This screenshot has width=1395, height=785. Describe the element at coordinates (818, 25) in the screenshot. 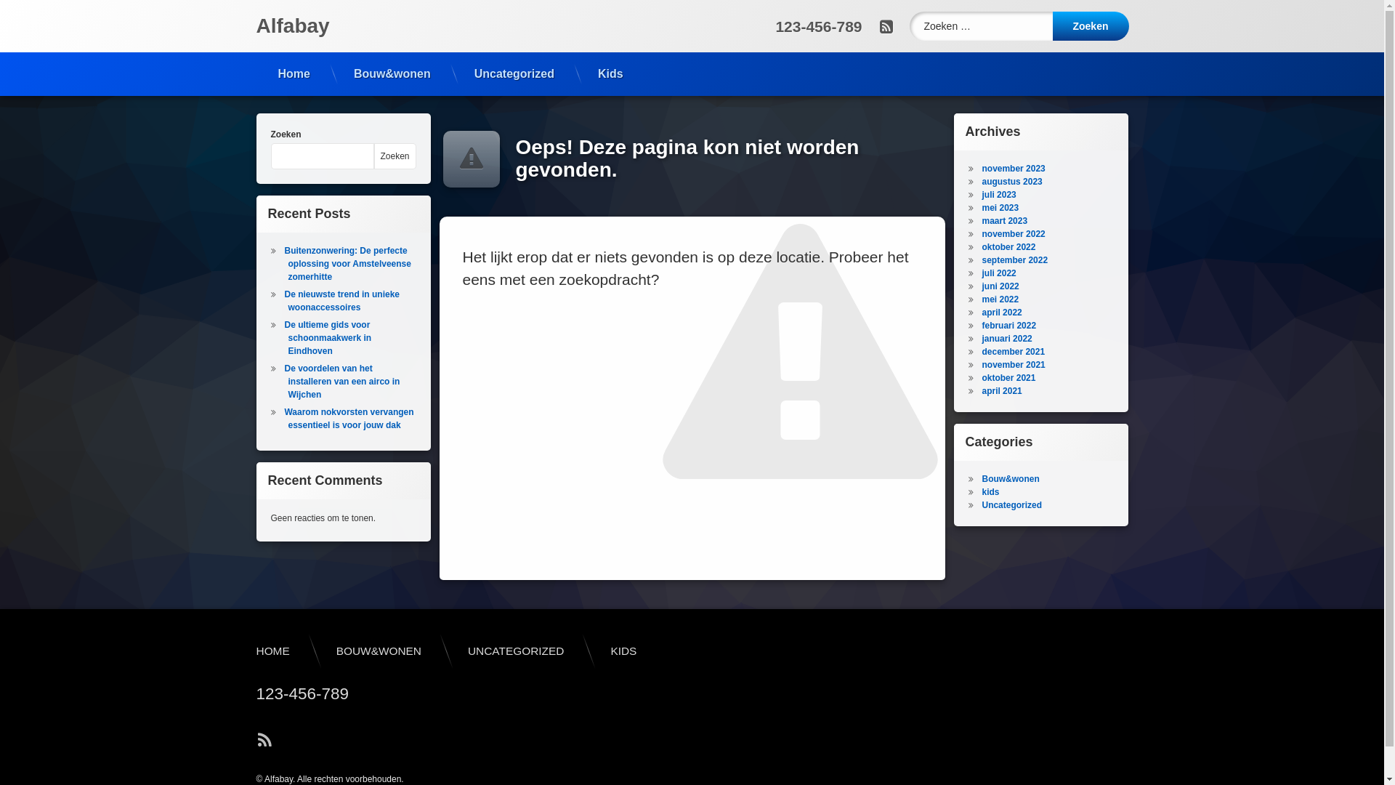

I see `'Tel:` at that location.